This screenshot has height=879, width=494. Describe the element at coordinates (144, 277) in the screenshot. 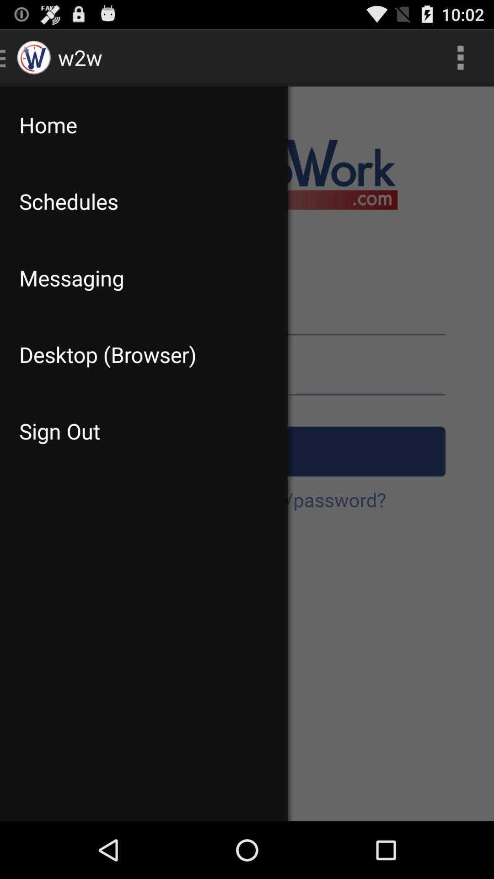

I see `the item below schedules item` at that location.